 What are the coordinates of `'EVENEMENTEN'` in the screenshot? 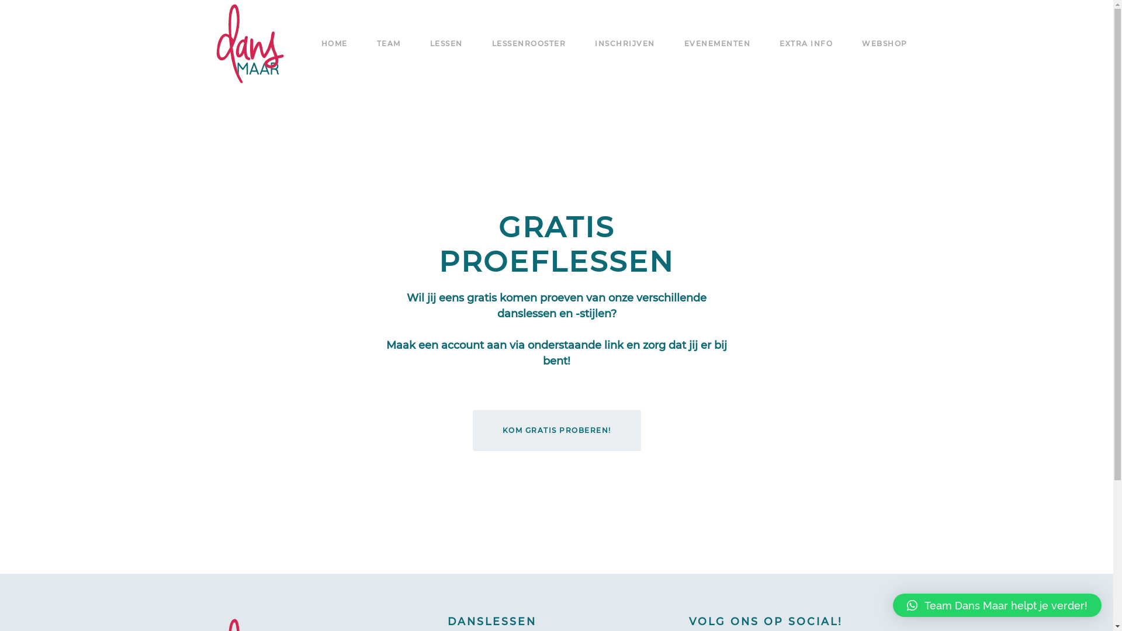 It's located at (716, 43).